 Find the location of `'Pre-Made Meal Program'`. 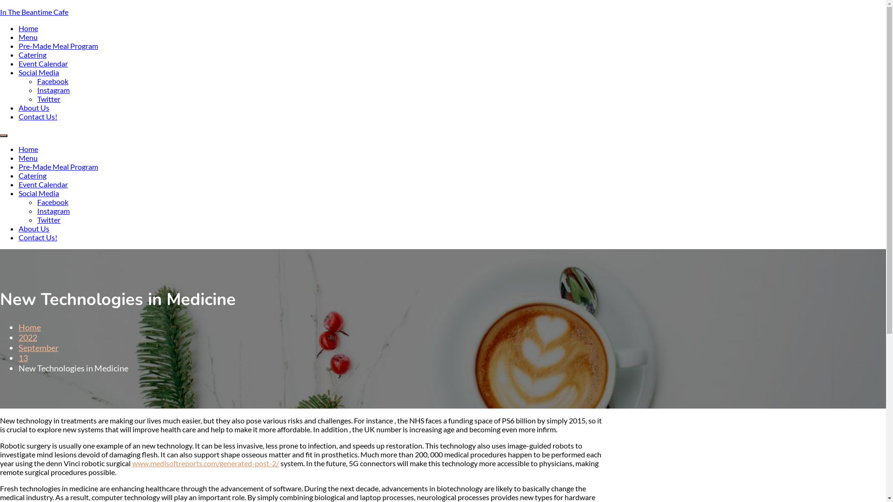

'Pre-Made Meal Program' is located at coordinates (58, 166).